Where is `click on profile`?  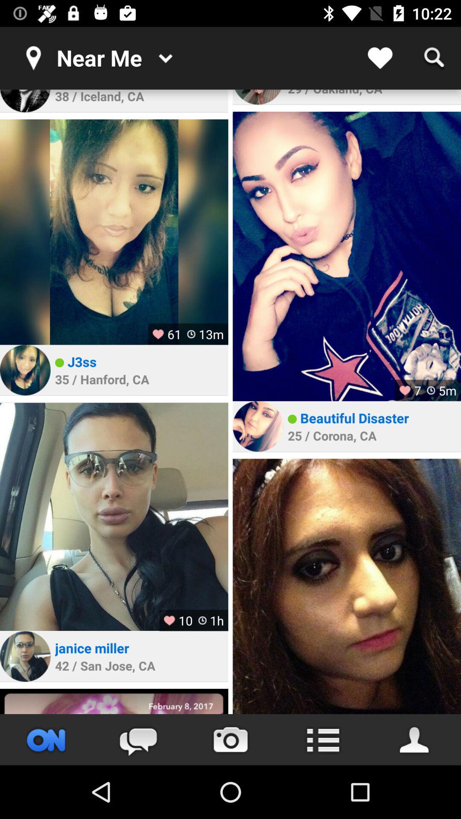 click on profile is located at coordinates (257, 97).